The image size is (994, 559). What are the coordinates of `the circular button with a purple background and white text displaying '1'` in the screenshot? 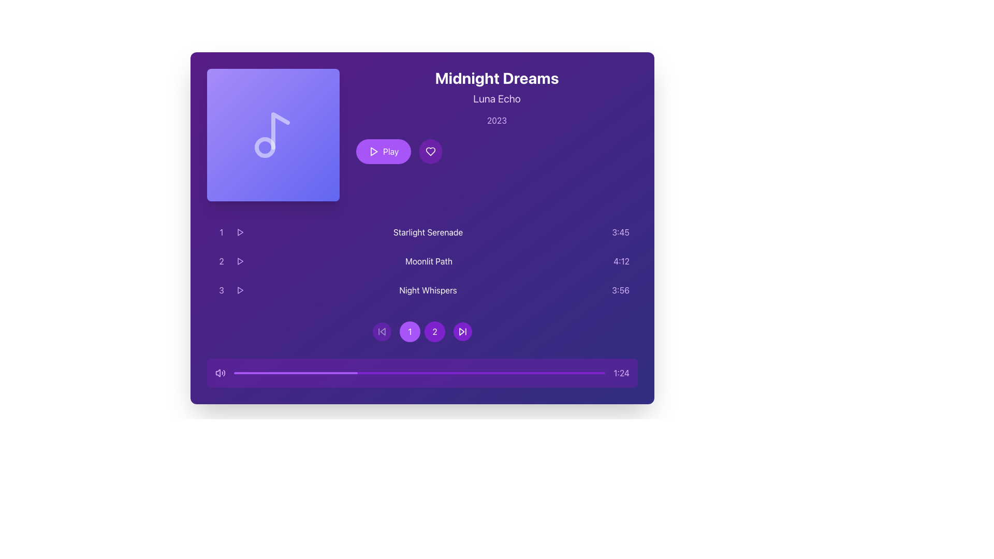 It's located at (410, 331).